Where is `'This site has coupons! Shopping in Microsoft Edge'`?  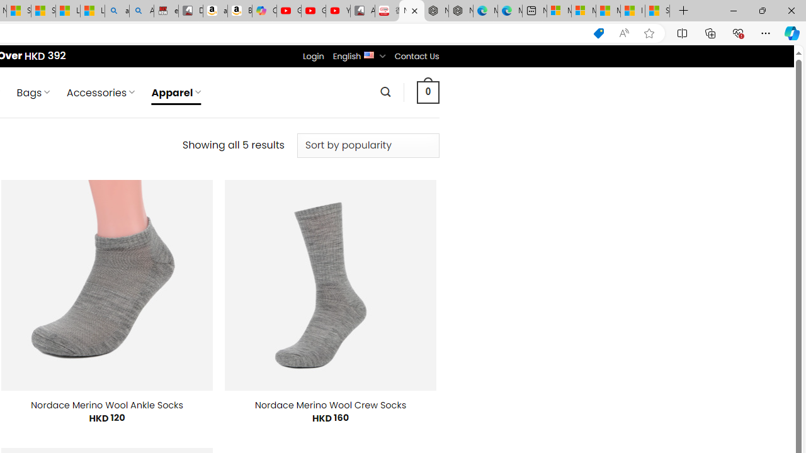 'This site has coupons! Shopping in Microsoft Edge' is located at coordinates (598, 33).